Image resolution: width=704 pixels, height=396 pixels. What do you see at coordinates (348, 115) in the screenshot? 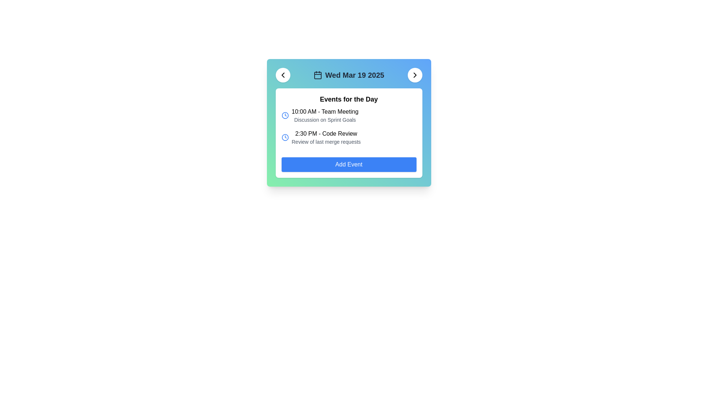
I see `the first scheduled event in the list` at bounding box center [348, 115].